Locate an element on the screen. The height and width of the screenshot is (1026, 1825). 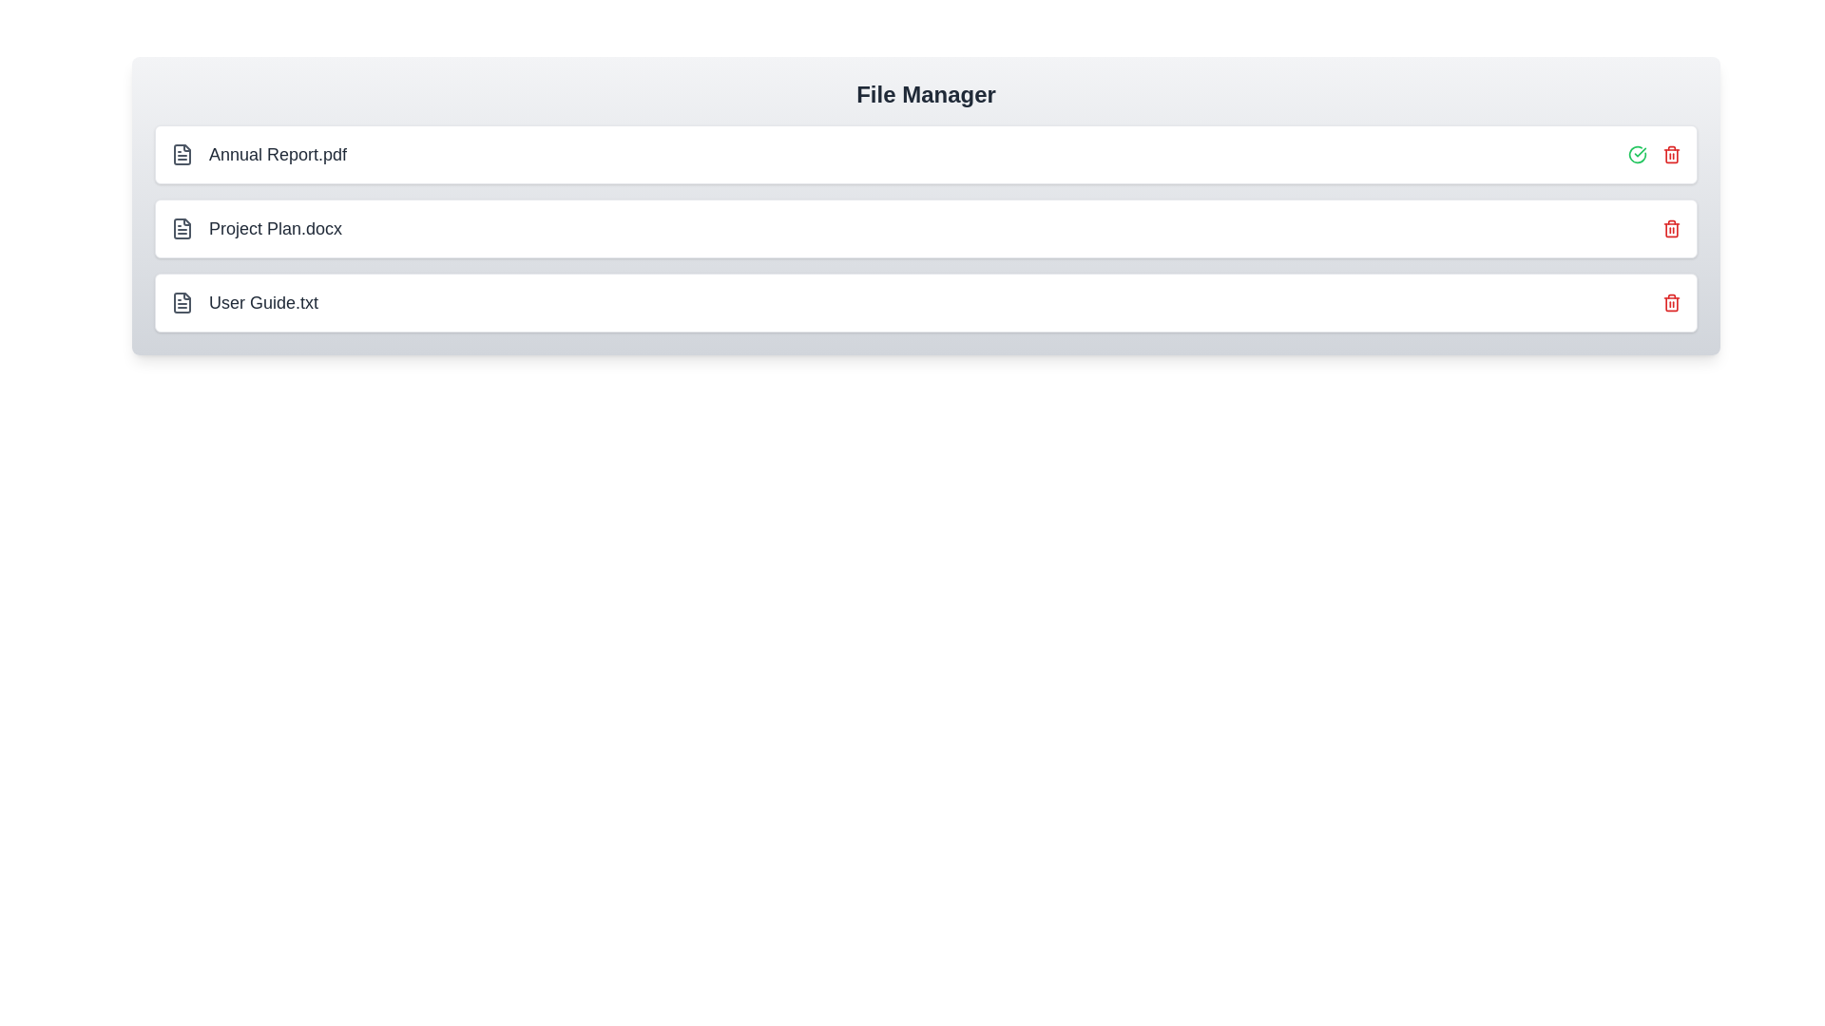
the File entry labeled 'Project Plan.docx', which is the second item in the vertical list of file entries in the file manager interface is located at coordinates (926, 227).